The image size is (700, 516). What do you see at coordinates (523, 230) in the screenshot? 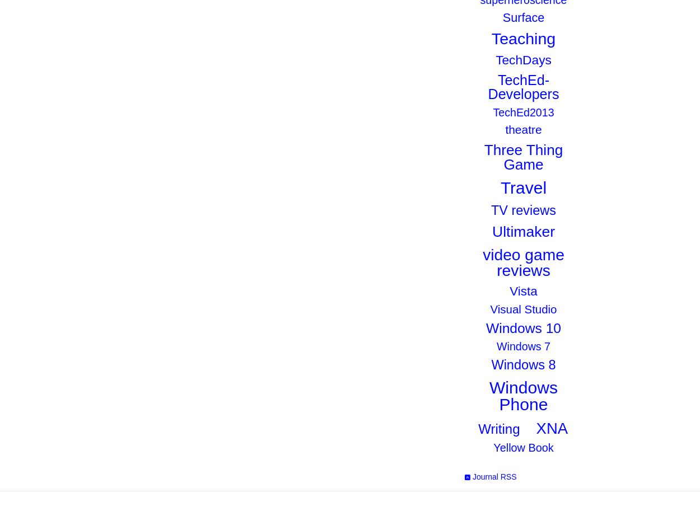
I see `'Ultimaker'` at bounding box center [523, 230].